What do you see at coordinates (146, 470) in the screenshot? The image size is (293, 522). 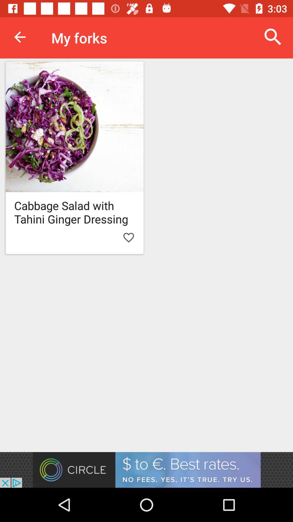 I see `adverts` at bounding box center [146, 470].